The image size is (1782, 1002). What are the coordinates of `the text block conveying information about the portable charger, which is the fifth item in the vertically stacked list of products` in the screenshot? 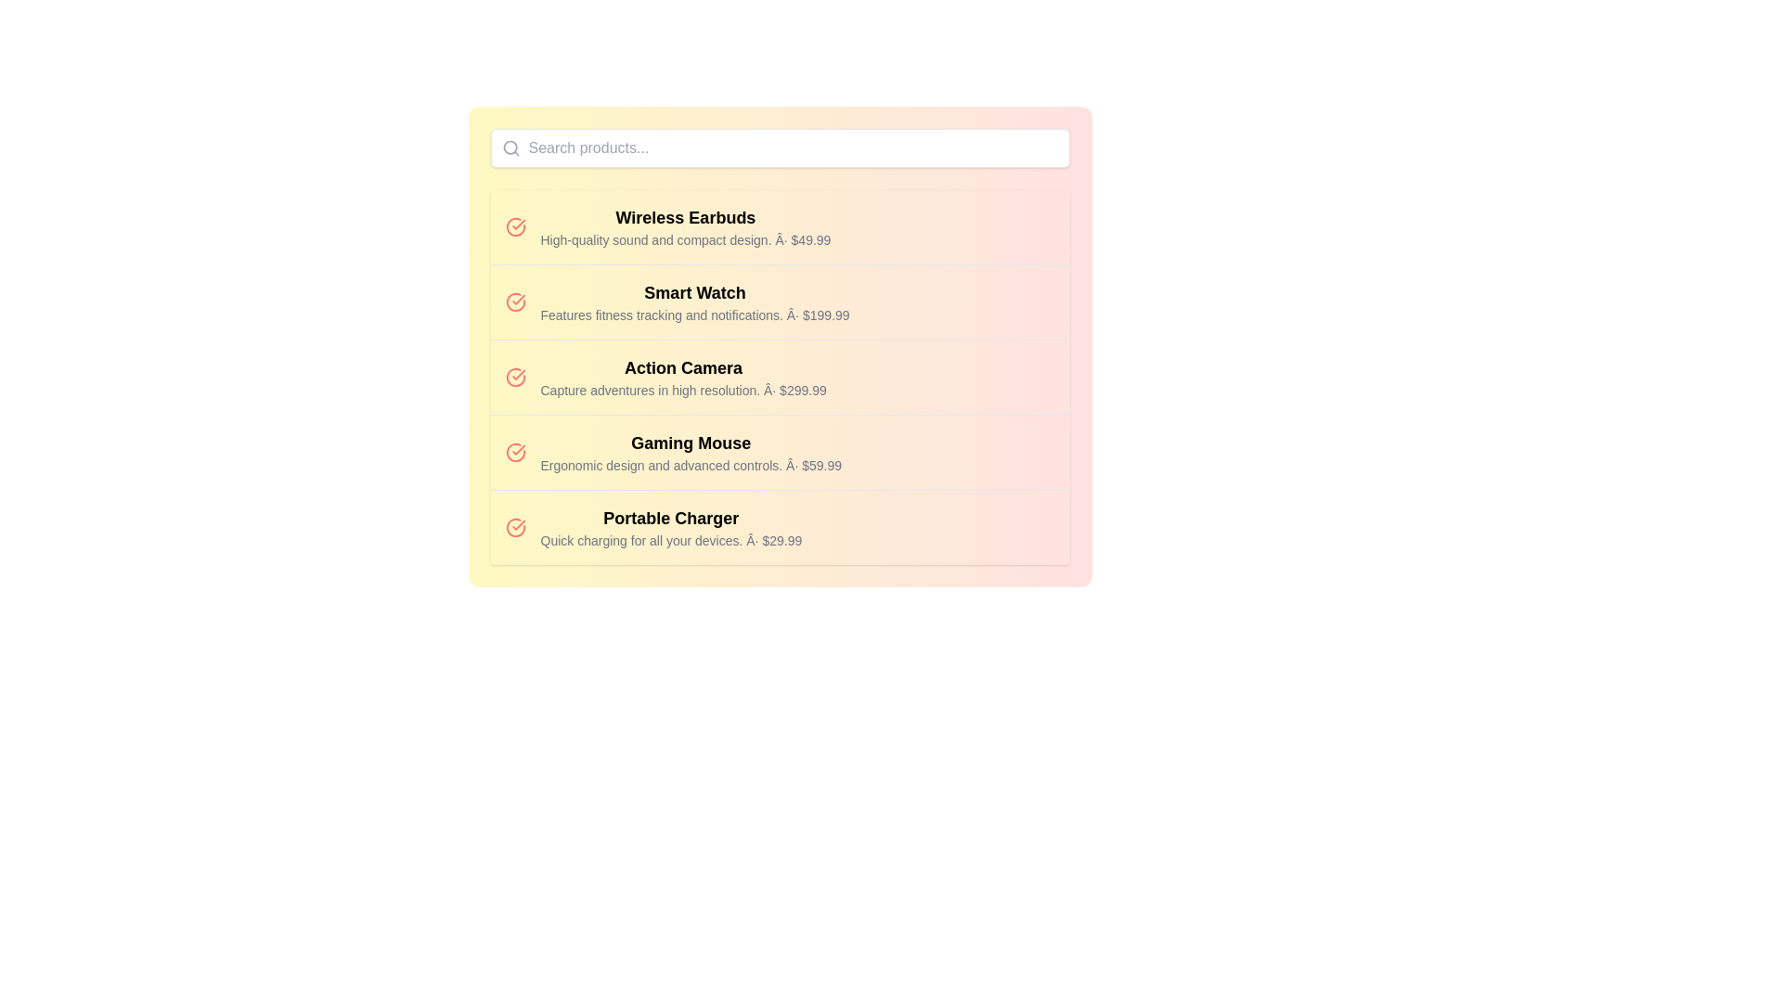 It's located at (670, 528).